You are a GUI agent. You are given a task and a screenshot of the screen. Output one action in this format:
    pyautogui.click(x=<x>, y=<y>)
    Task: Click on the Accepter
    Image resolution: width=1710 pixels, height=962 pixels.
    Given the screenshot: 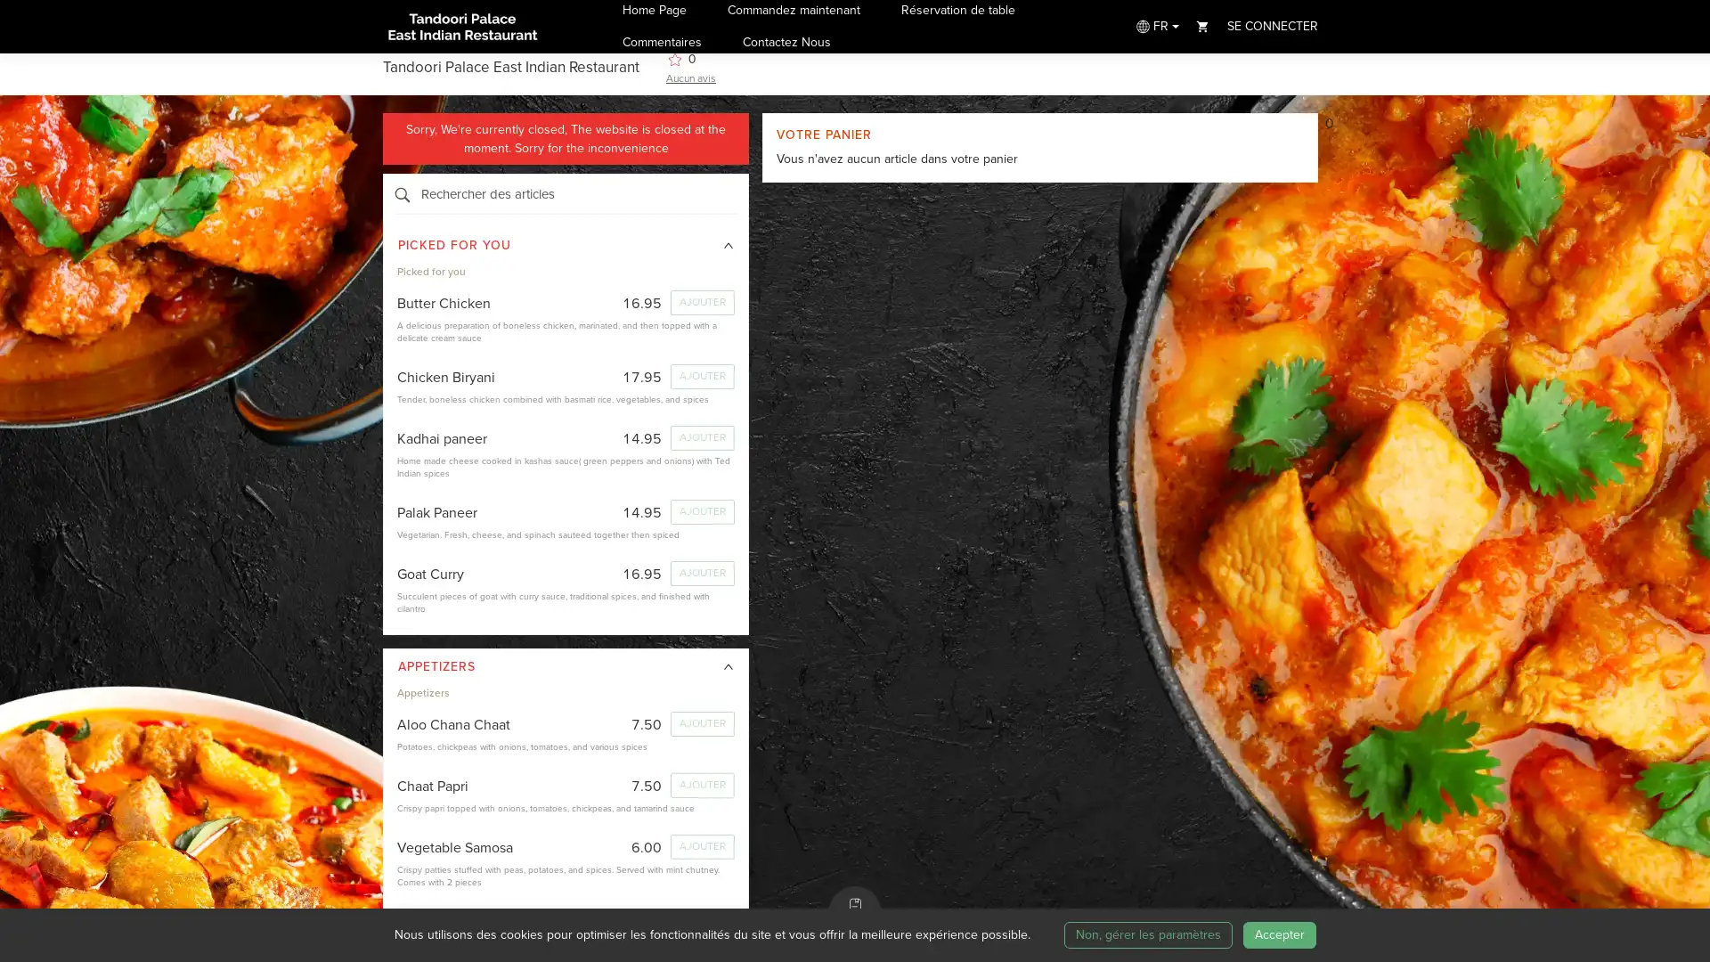 What is the action you would take?
    pyautogui.click(x=1277, y=933)
    